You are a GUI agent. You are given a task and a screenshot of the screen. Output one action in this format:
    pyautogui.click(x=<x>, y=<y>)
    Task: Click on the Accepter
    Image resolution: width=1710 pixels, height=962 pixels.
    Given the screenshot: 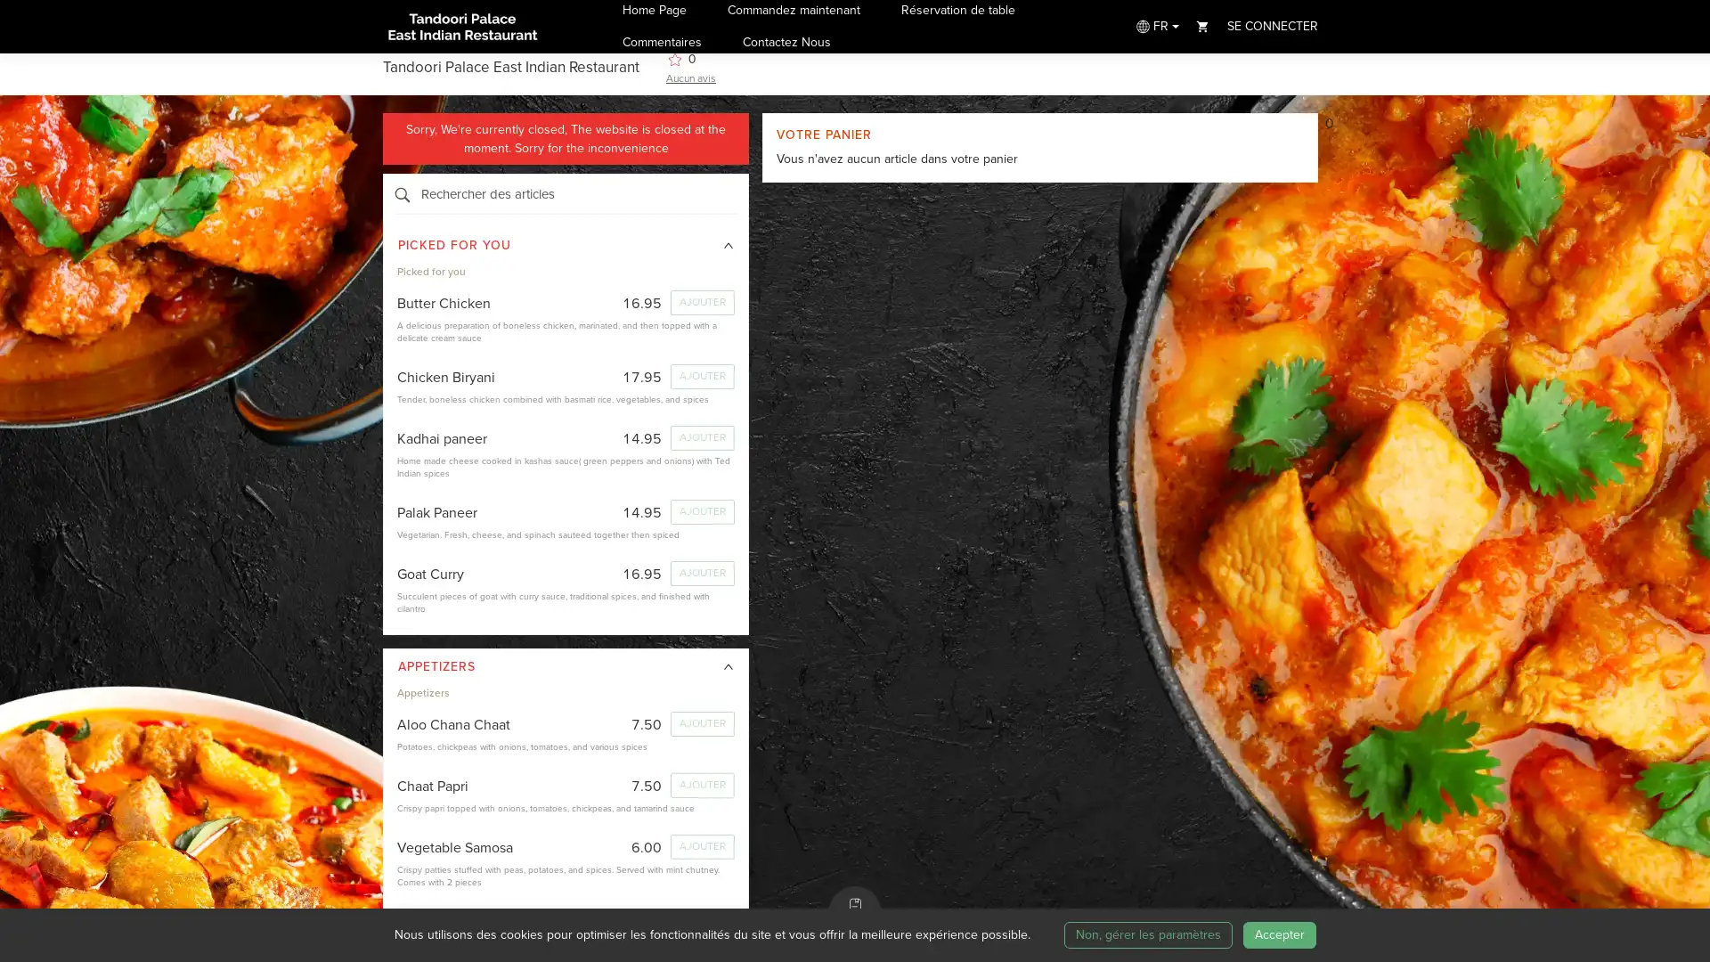 What is the action you would take?
    pyautogui.click(x=1277, y=933)
    